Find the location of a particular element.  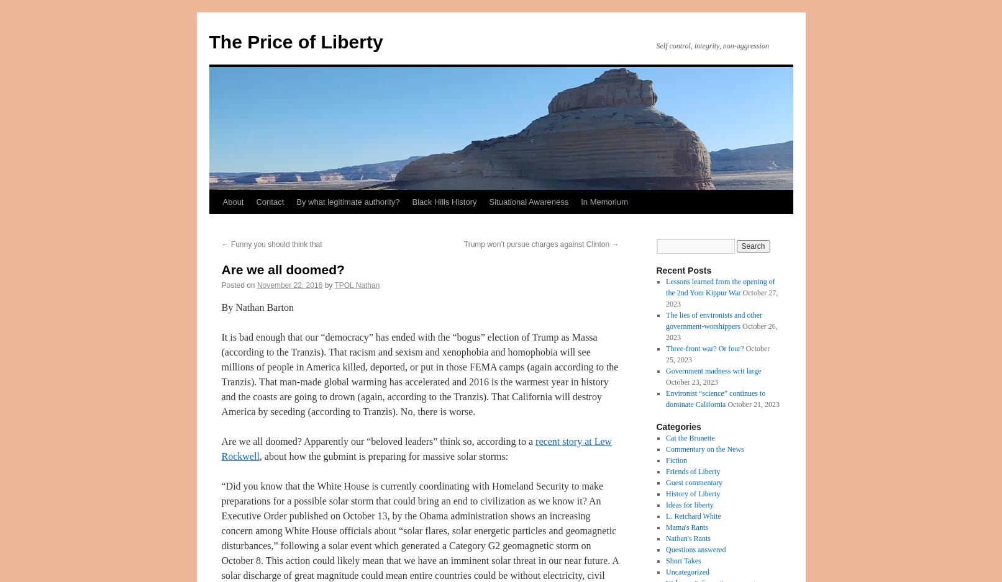

'Ideas for liberty' is located at coordinates (689, 504).